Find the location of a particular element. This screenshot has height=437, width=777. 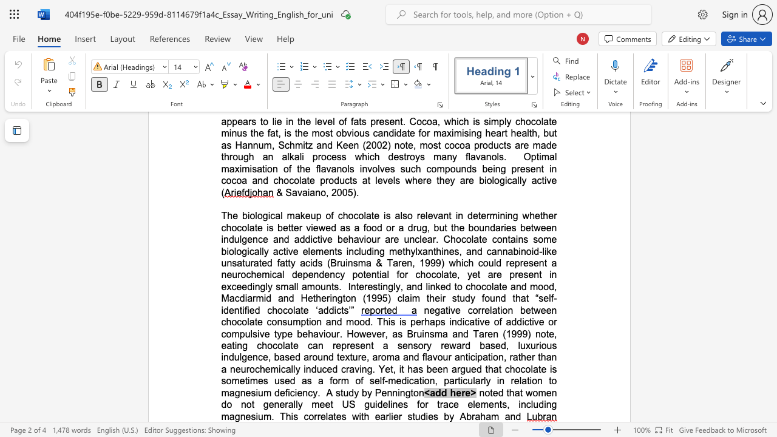

the subset text "guide" within the text "US guidelines for trace elements, including magnesium. This correlates with earlier studies by Abraham and" is located at coordinates (364, 404).